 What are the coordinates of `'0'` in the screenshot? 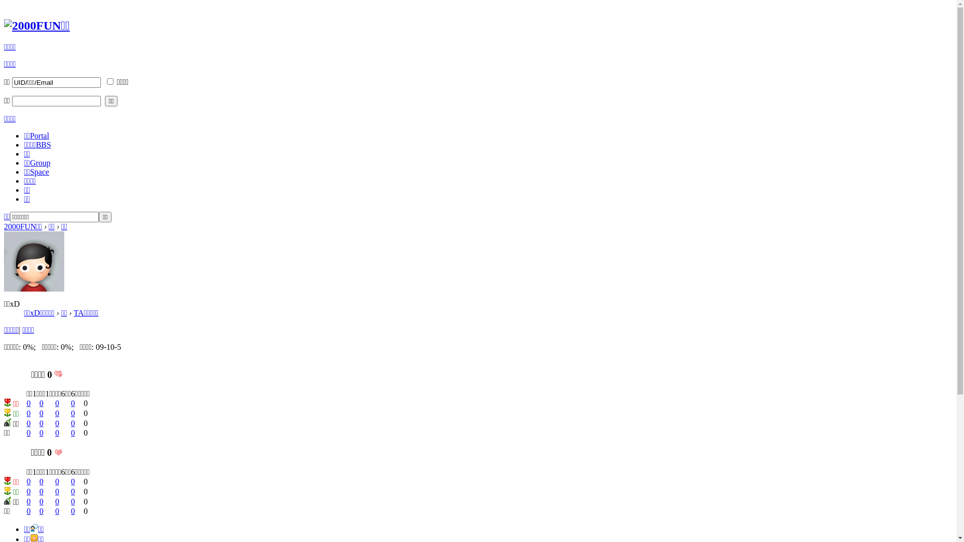 It's located at (29, 501).